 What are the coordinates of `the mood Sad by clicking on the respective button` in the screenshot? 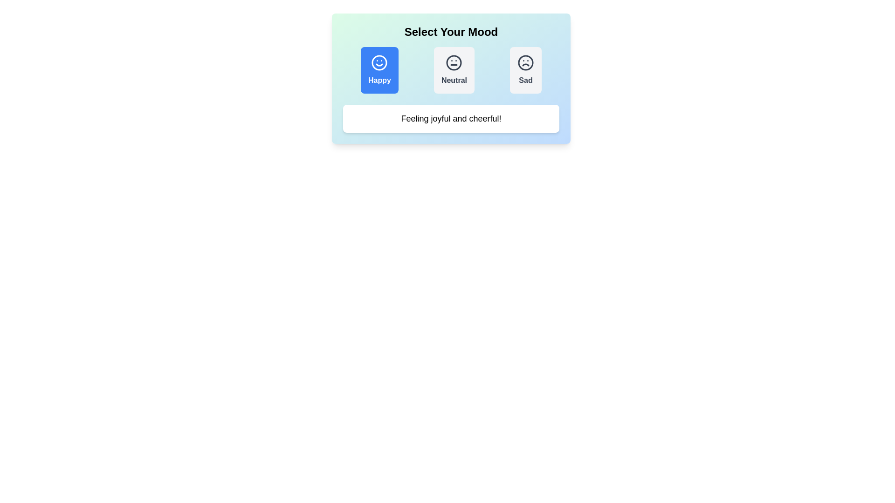 It's located at (526, 69).